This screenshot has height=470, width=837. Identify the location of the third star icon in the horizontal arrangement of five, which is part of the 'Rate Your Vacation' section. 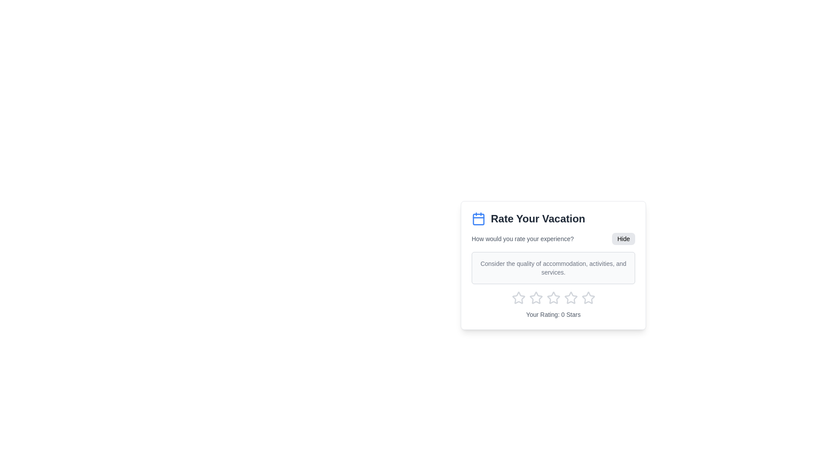
(552, 297).